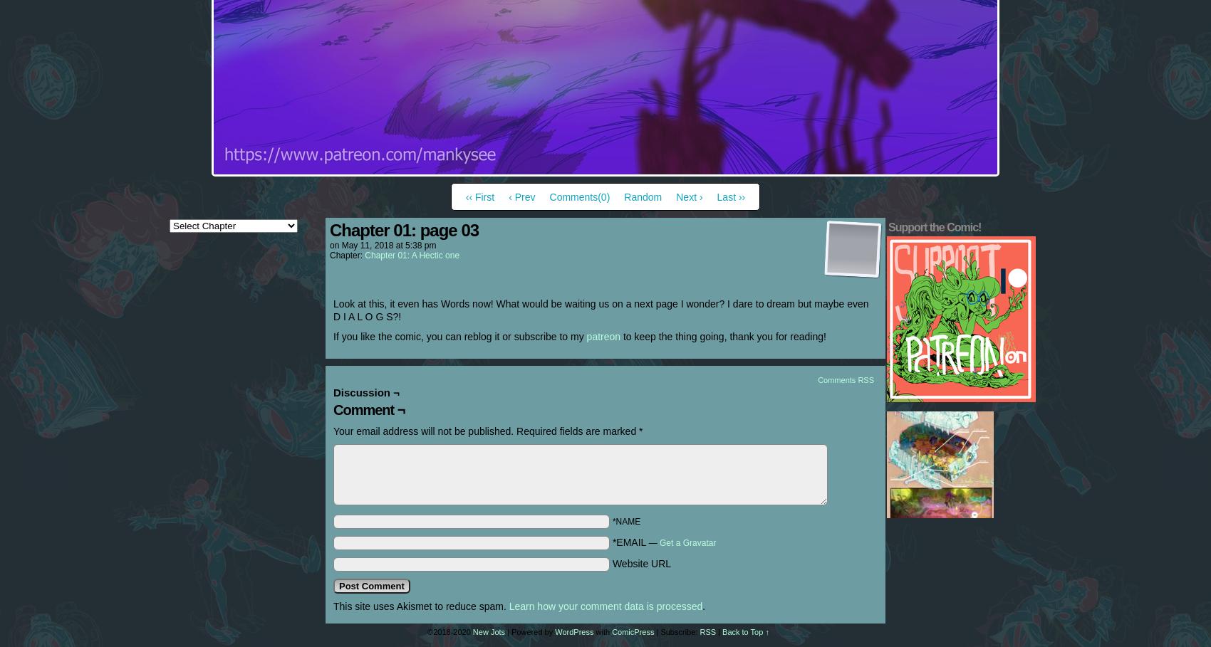 The height and width of the screenshot is (647, 1211). I want to click on 'Subscribe:', so click(679, 632).